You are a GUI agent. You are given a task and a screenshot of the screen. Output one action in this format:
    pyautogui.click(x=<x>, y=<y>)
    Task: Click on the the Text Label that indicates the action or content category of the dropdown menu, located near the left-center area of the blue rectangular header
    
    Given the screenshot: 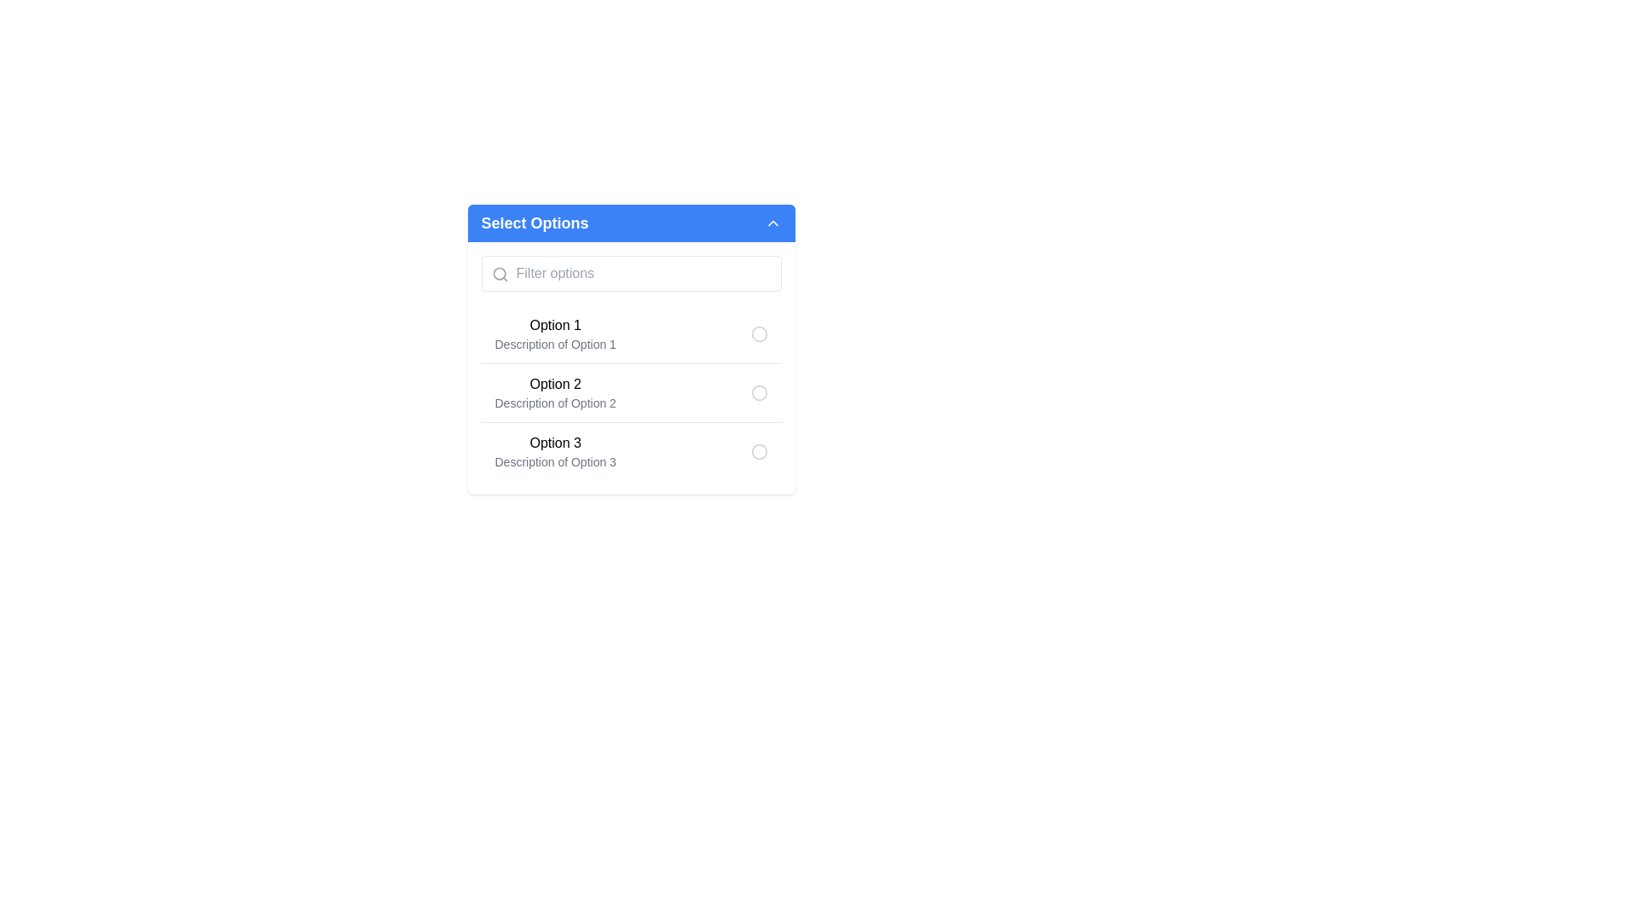 What is the action you would take?
    pyautogui.click(x=534, y=223)
    